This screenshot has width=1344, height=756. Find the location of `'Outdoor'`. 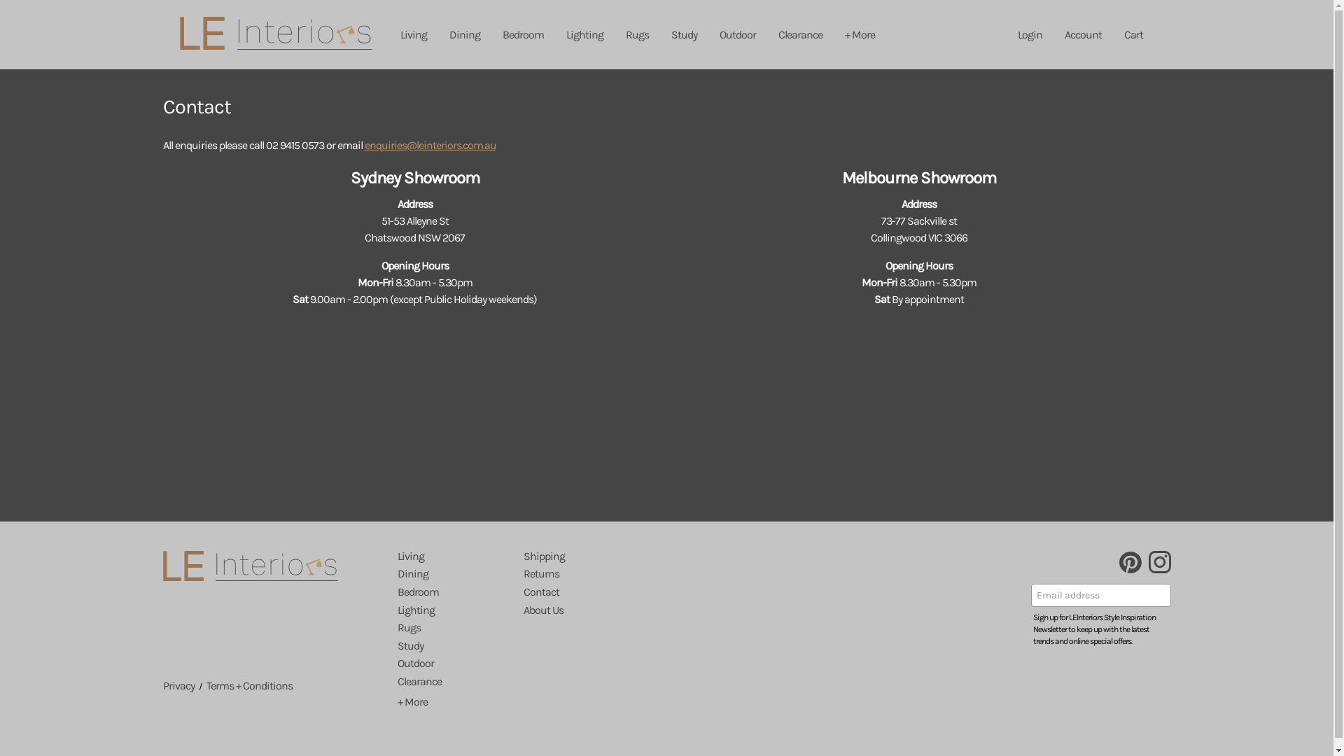

'Outdoor' is located at coordinates (737, 34).